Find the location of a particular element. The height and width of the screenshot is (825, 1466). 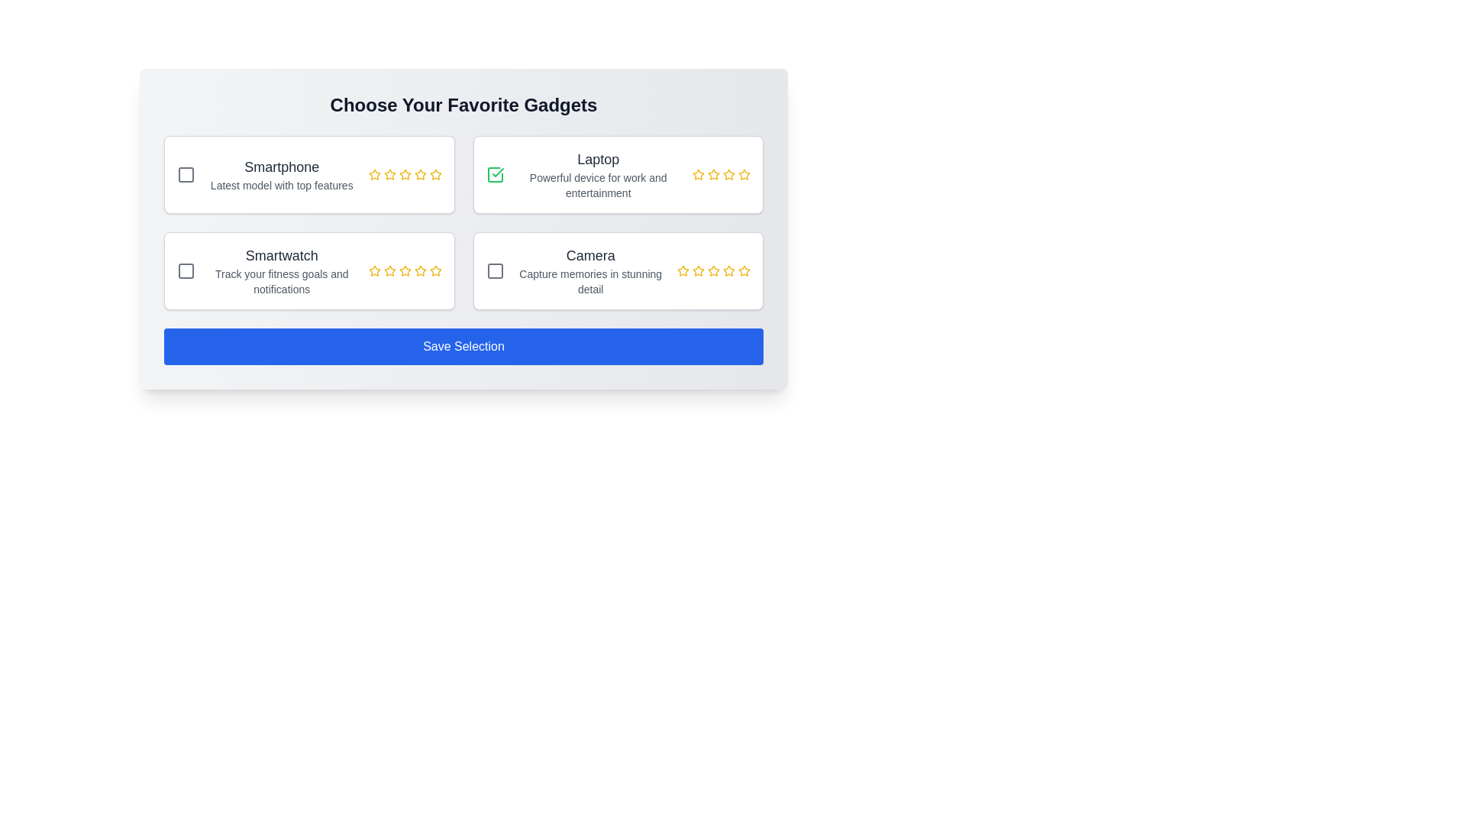

the label displaying 'Smartphone' and its description 'Latest model with top features', located in the top-left portion of the grid layout, underneath the checkbox icon is located at coordinates (282, 173).